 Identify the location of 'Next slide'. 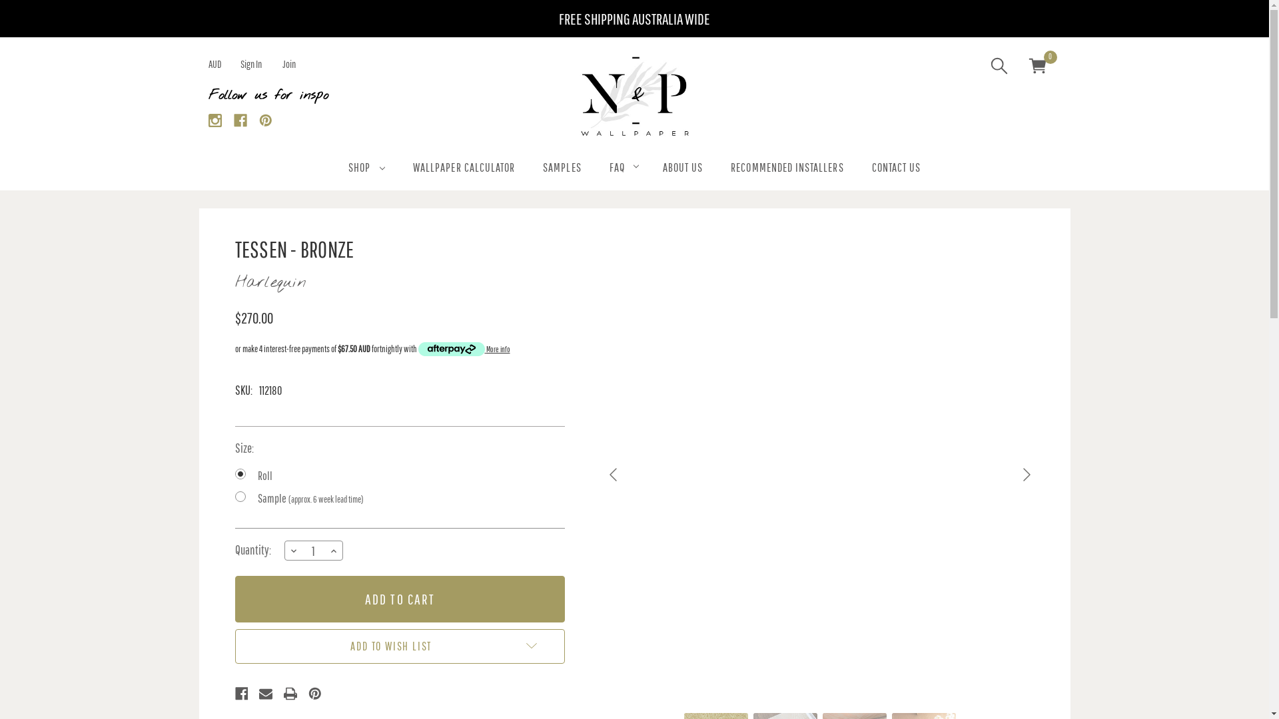
(1025, 474).